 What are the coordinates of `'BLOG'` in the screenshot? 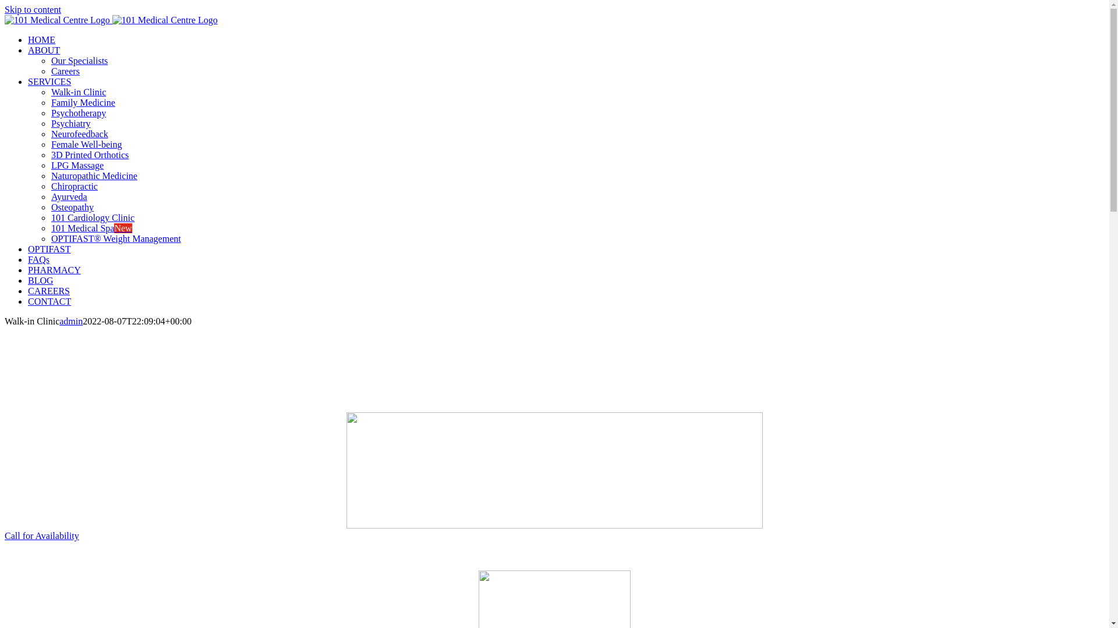 It's located at (41, 280).